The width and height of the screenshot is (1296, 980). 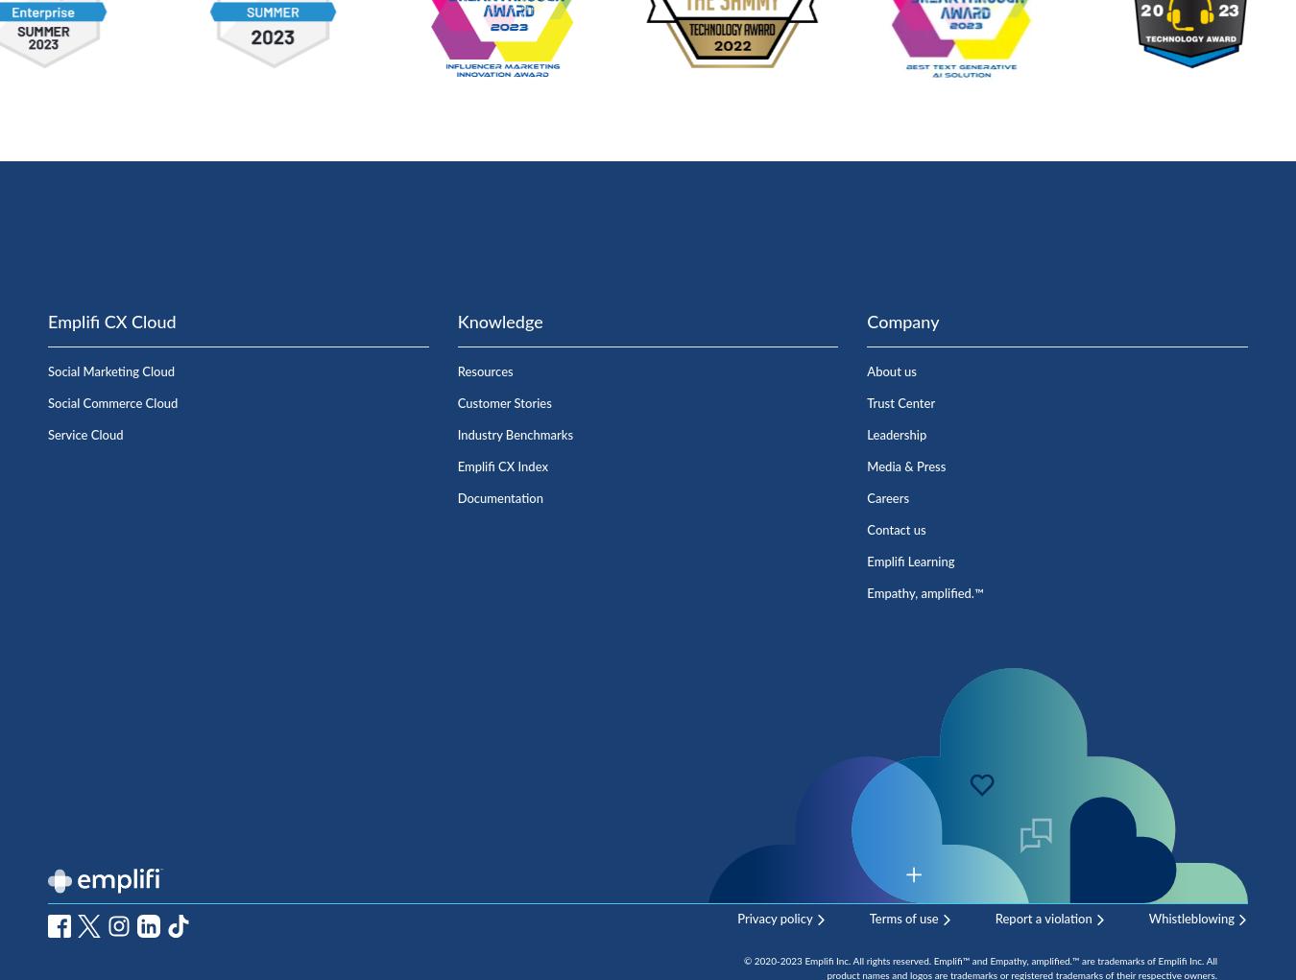 What do you see at coordinates (887, 498) in the screenshot?
I see `'Careers'` at bounding box center [887, 498].